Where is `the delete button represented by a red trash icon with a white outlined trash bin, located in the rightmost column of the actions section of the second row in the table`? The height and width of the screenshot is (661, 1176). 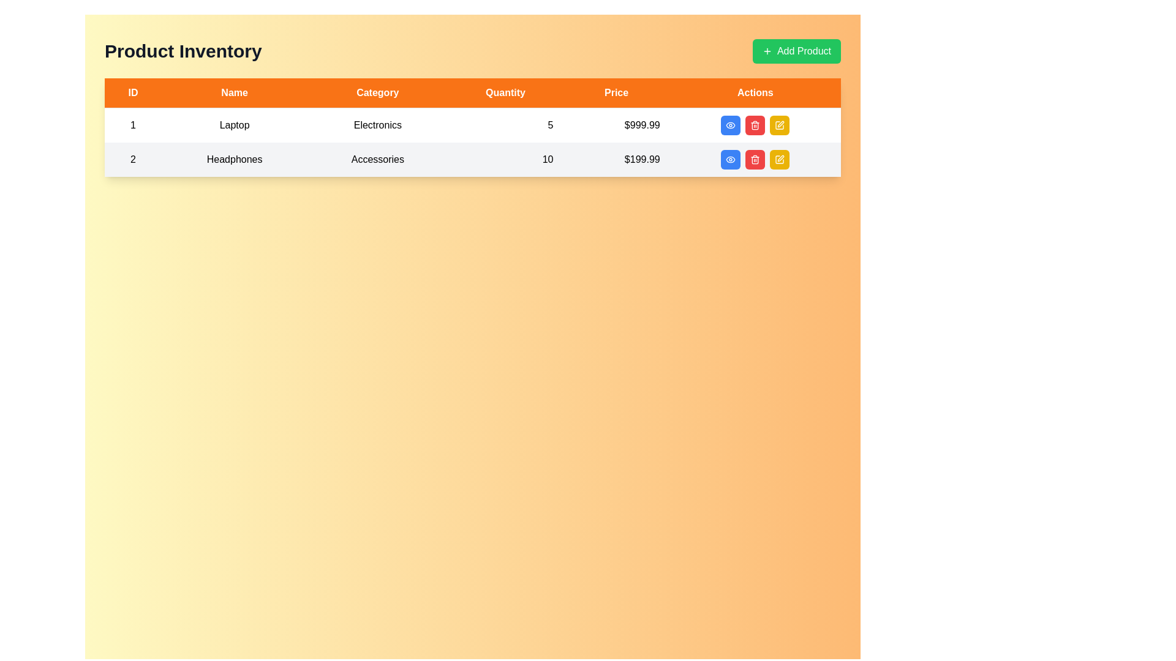 the delete button represented by a red trash icon with a white outlined trash bin, located in the rightmost column of the actions section of the second row in the table is located at coordinates (755, 159).